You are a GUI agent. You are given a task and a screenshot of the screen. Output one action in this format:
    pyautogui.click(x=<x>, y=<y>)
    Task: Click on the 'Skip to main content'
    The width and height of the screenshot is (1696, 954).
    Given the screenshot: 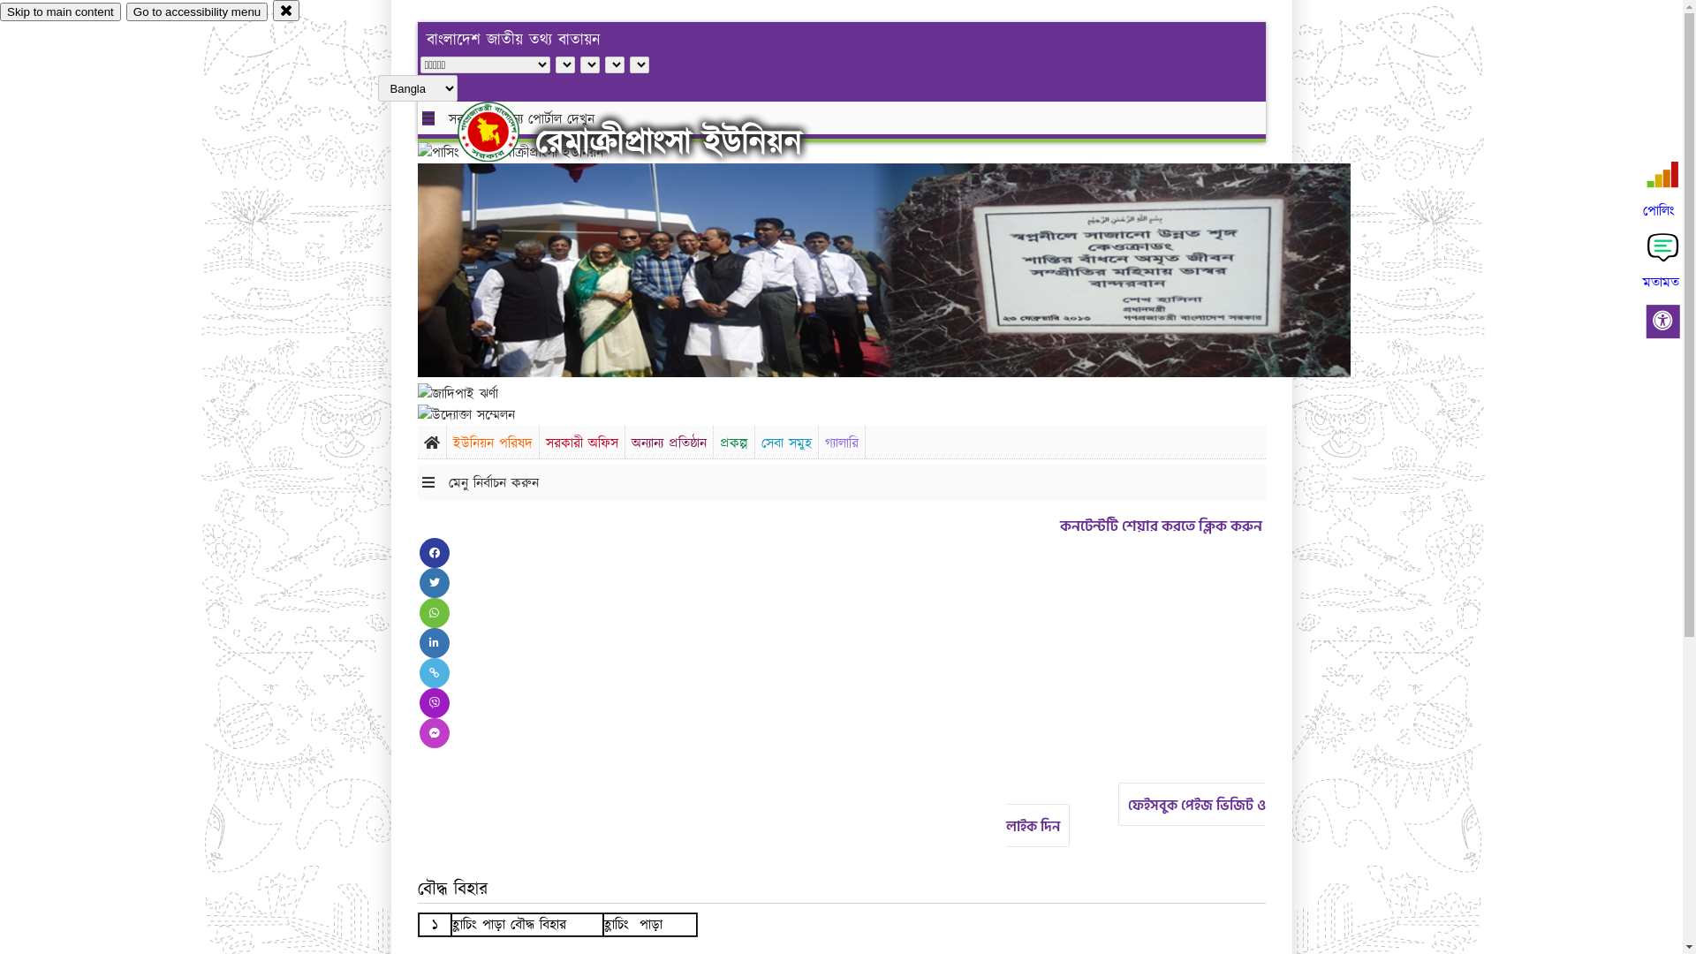 What is the action you would take?
    pyautogui.click(x=60, y=11)
    